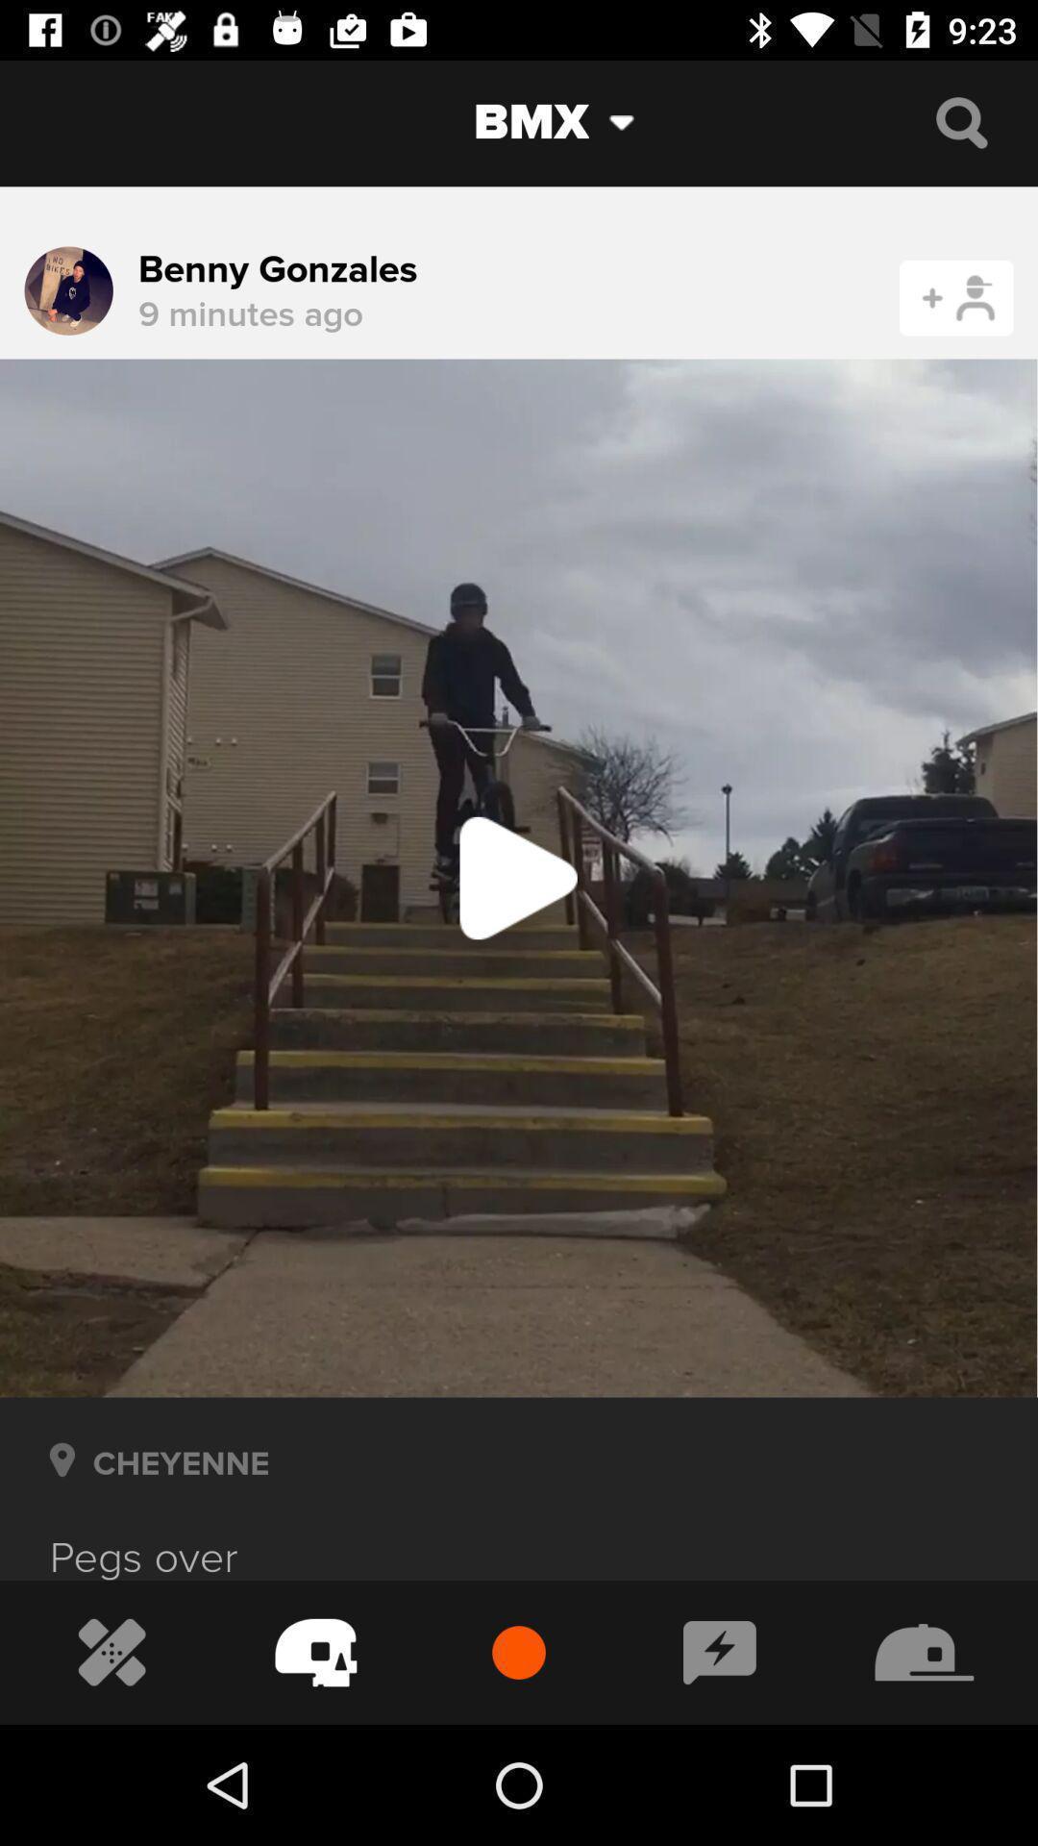 The image size is (1038, 1846). Describe the element at coordinates (636, 121) in the screenshot. I see `the expand_more icon` at that location.